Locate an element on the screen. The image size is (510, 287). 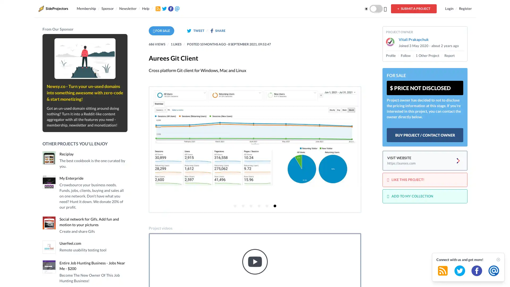
Next page is located at coordinates (361, 149).